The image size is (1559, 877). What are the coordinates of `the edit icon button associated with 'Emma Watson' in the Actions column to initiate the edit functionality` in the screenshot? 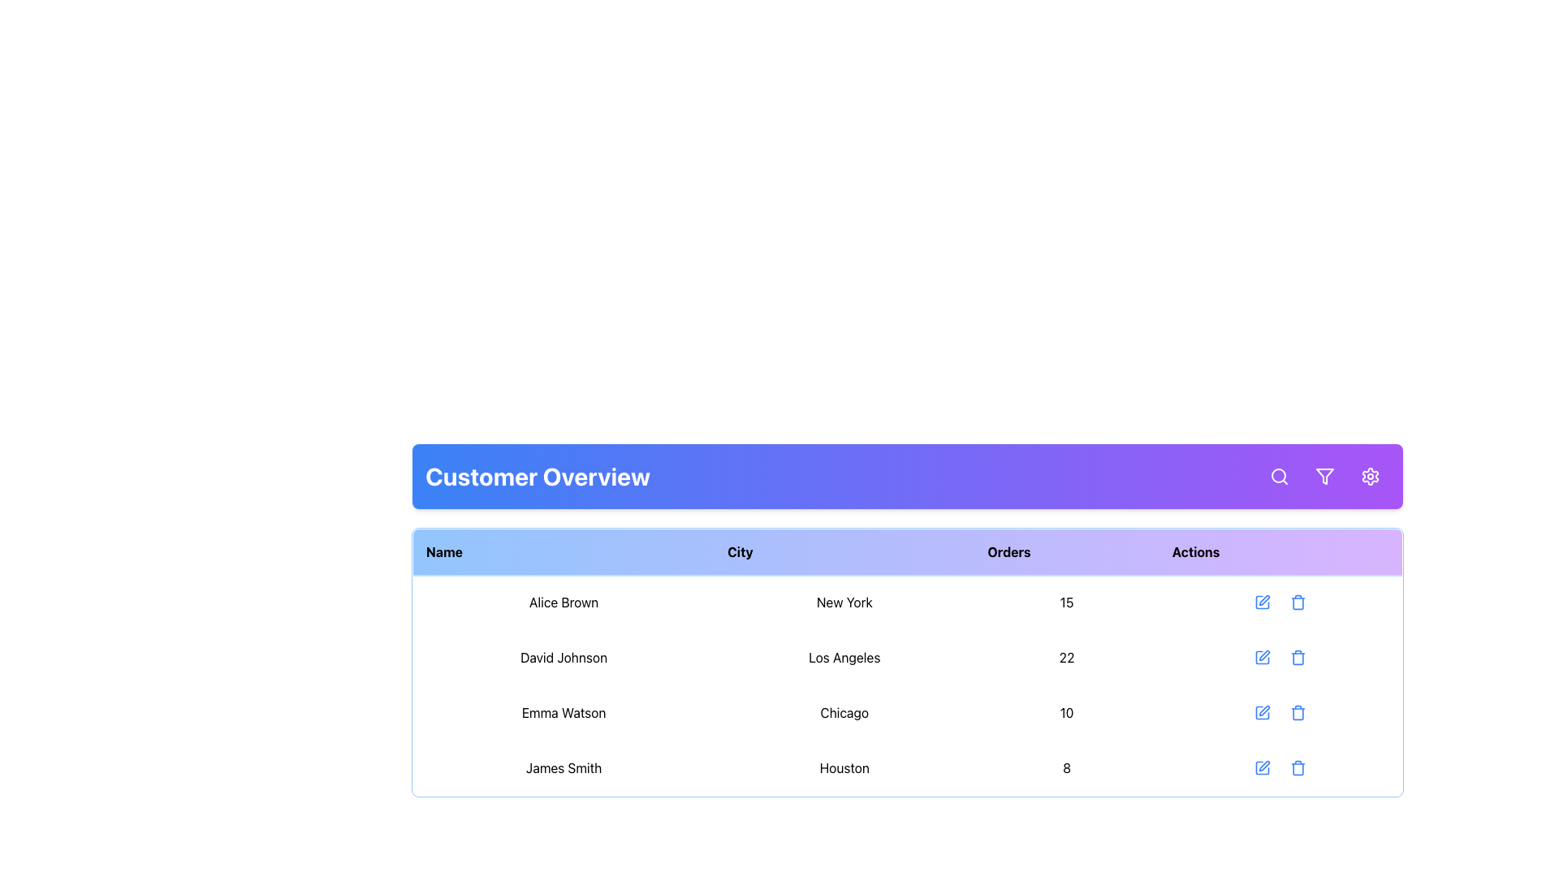 It's located at (1262, 712).